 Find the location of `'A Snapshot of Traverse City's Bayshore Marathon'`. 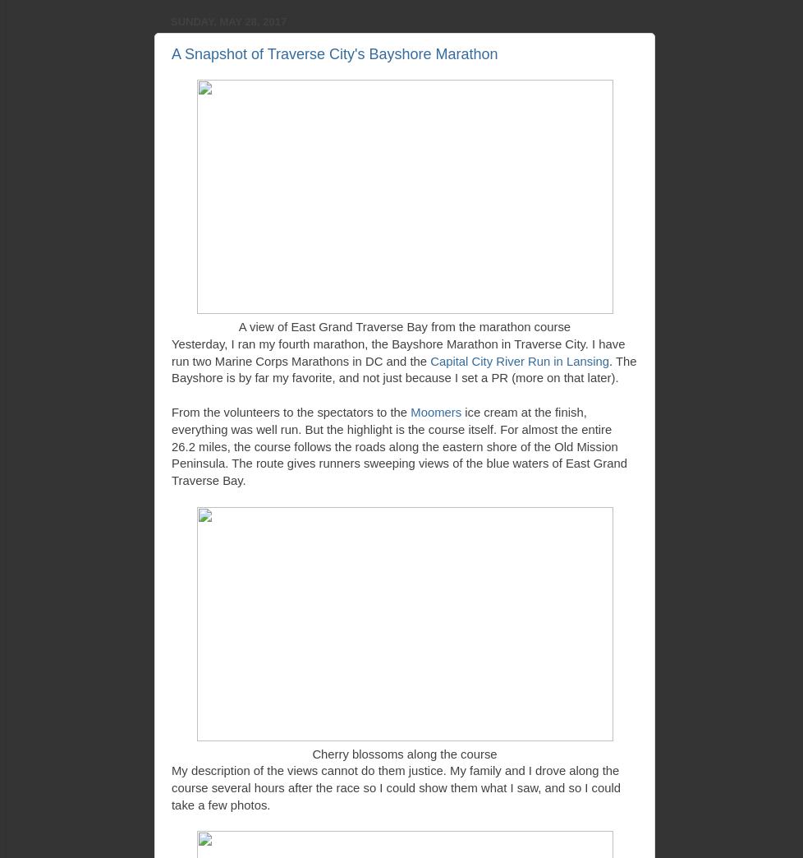

'A Snapshot of Traverse City's Bayshore Marathon' is located at coordinates (333, 53).